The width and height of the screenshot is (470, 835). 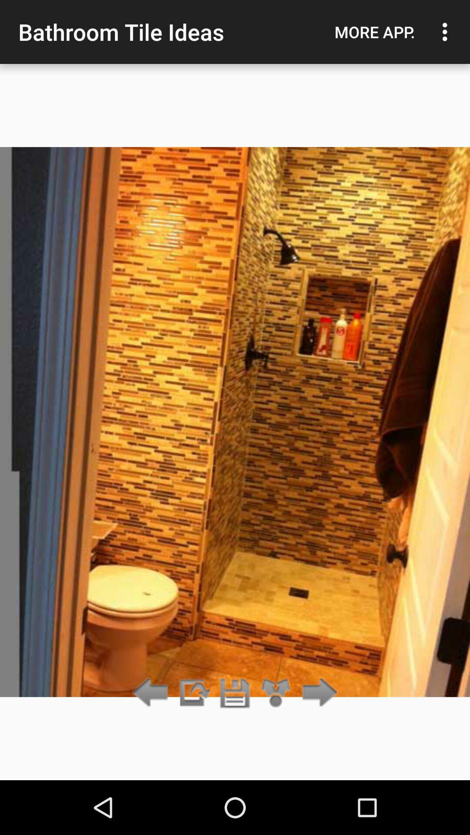 What do you see at coordinates (317, 693) in the screenshot?
I see `go forward` at bounding box center [317, 693].